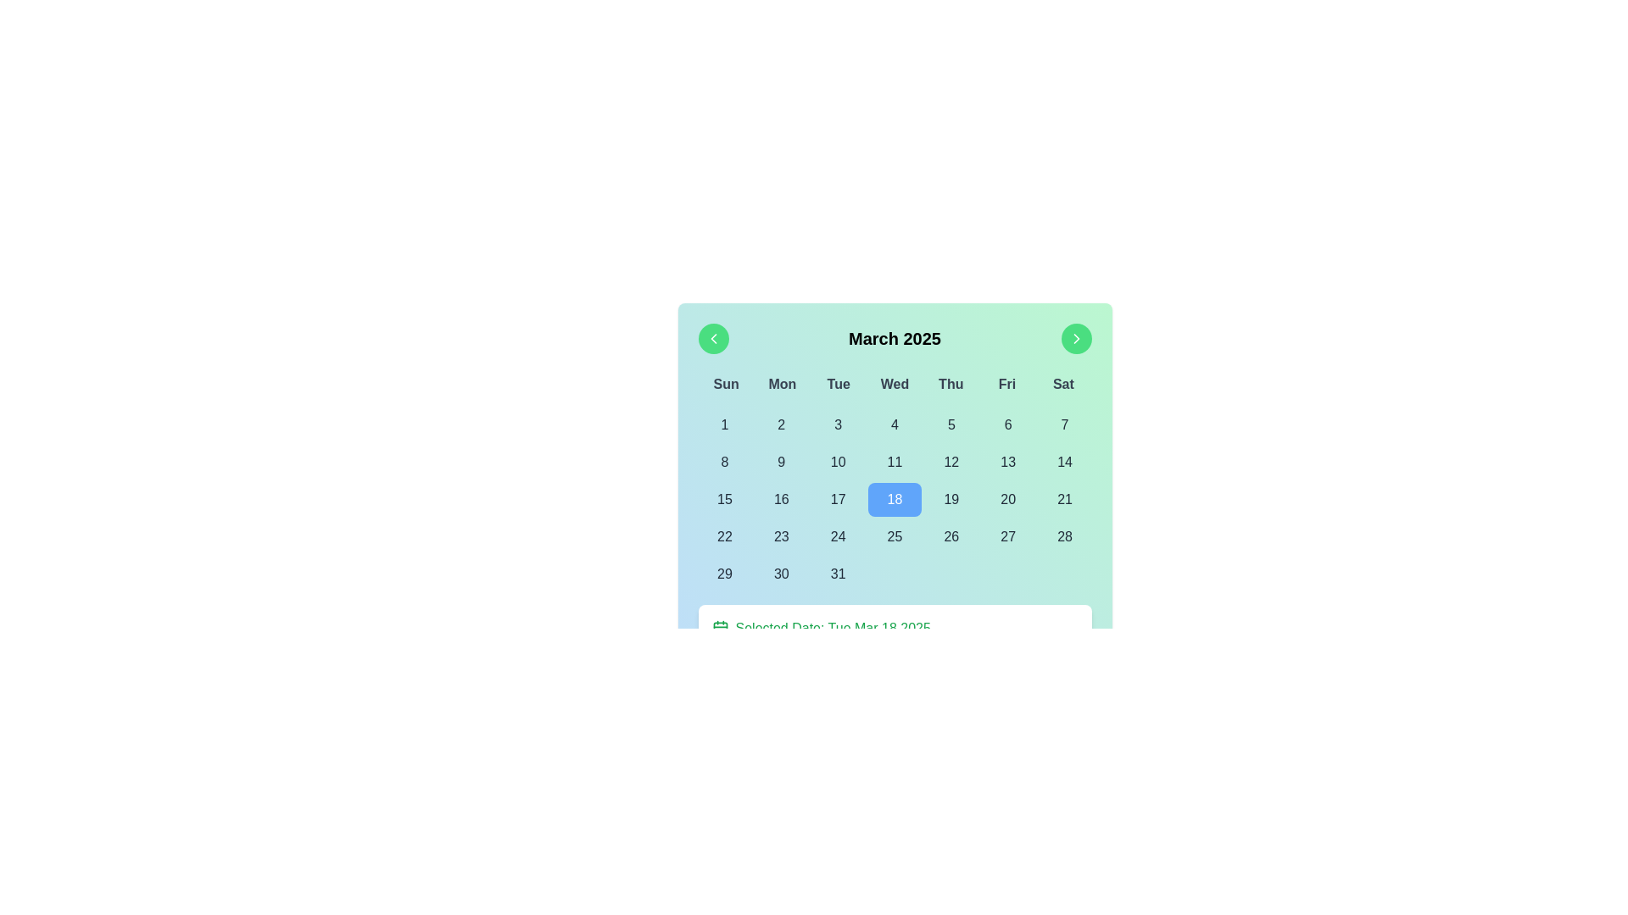 Image resolution: width=1628 pixels, height=915 pixels. What do you see at coordinates (894, 536) in the screenshot?
I see `the calendar date button representing the date '25'` at bounding box center [894, 536].